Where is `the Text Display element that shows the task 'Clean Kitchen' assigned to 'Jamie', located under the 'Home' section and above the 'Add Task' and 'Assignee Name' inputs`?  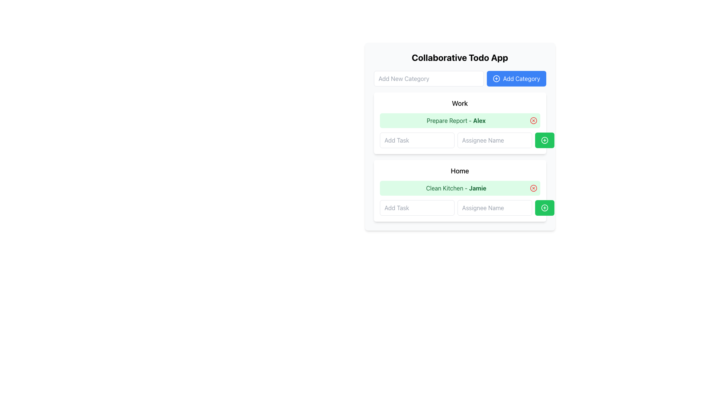
the Text Display element that shows the task 'Clean Kitchen' assigned to 'Jamie', located under the 'Home' section and above the 'Add Task' and 'Assignee Name' inputs is located at coordinates (456, 188).